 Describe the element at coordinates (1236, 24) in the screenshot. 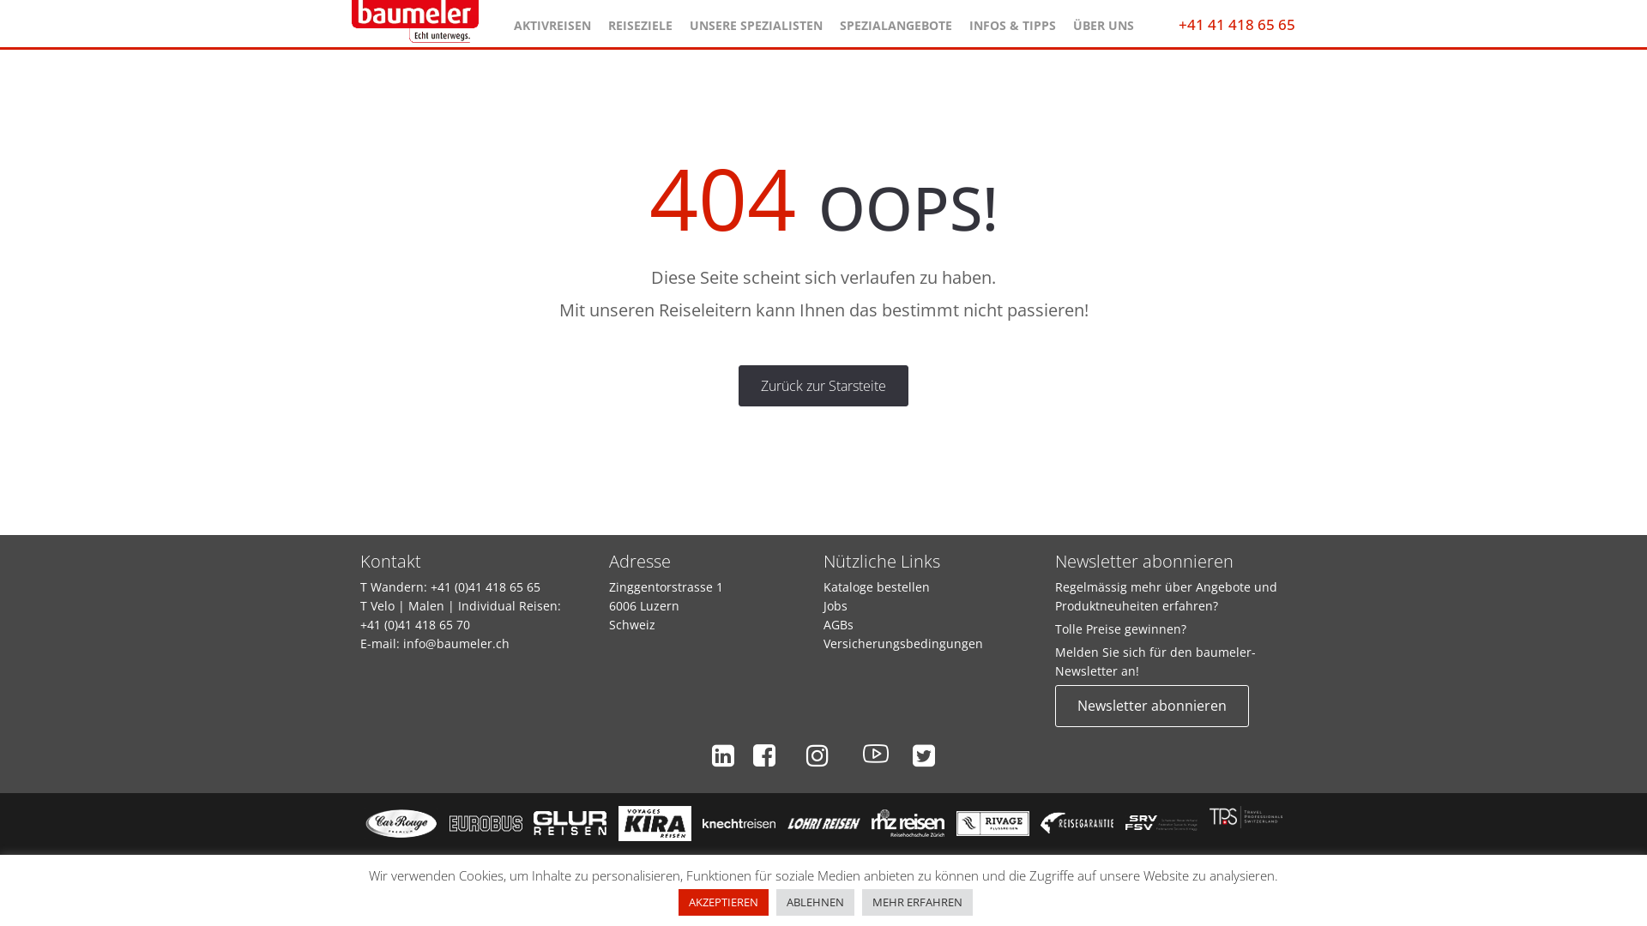

I see `'+41 41 418 65 65'` at that location.